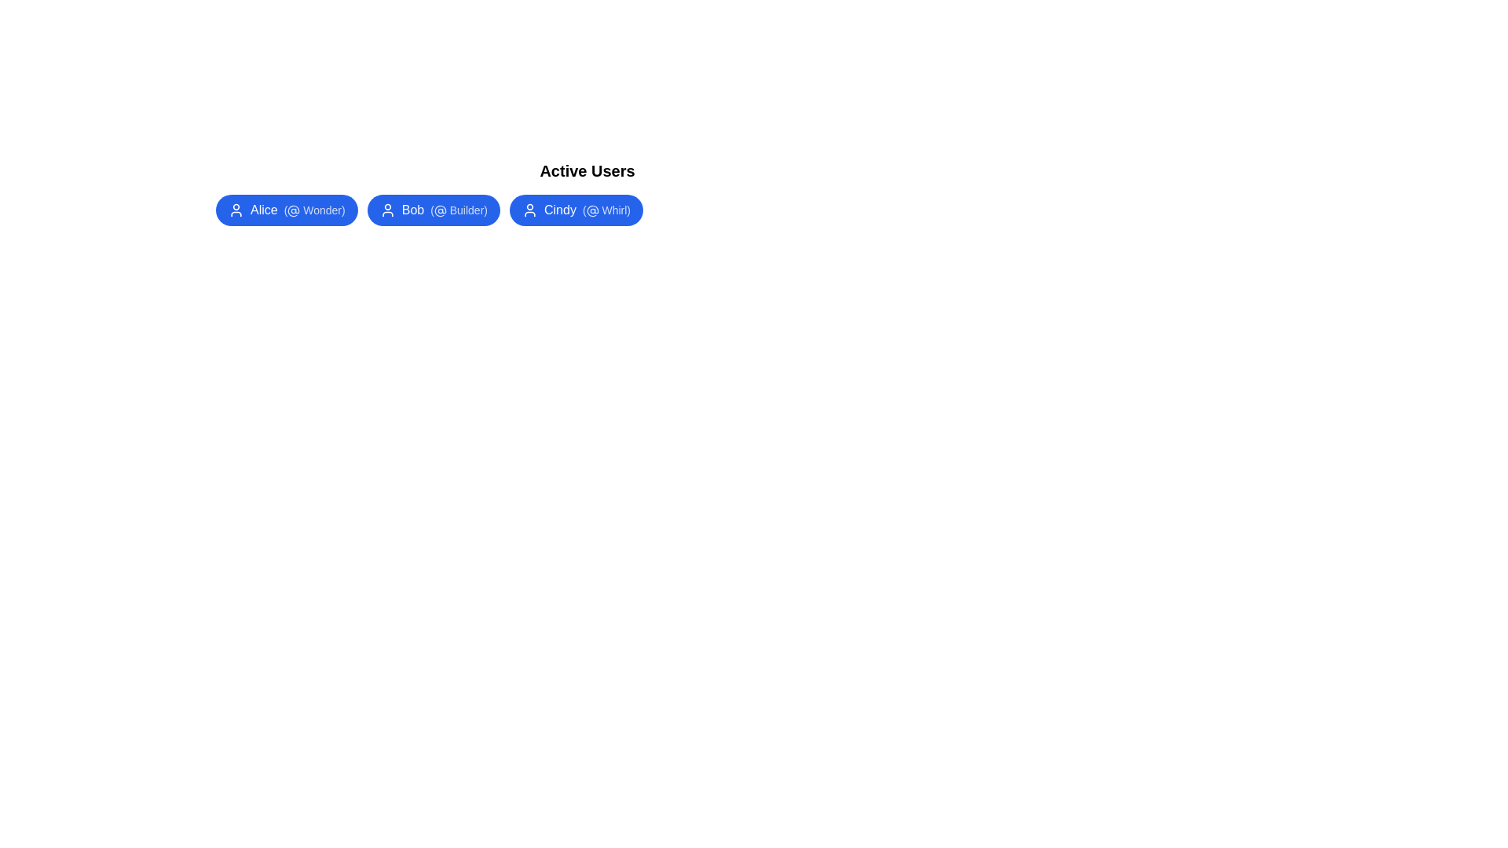 The width and height of the screenshot is (1508, 848). What do you see at coordinates (458, 209) in the screenshot?
I see `the alias Builder within the user chip` at bounding box center [458, 209].